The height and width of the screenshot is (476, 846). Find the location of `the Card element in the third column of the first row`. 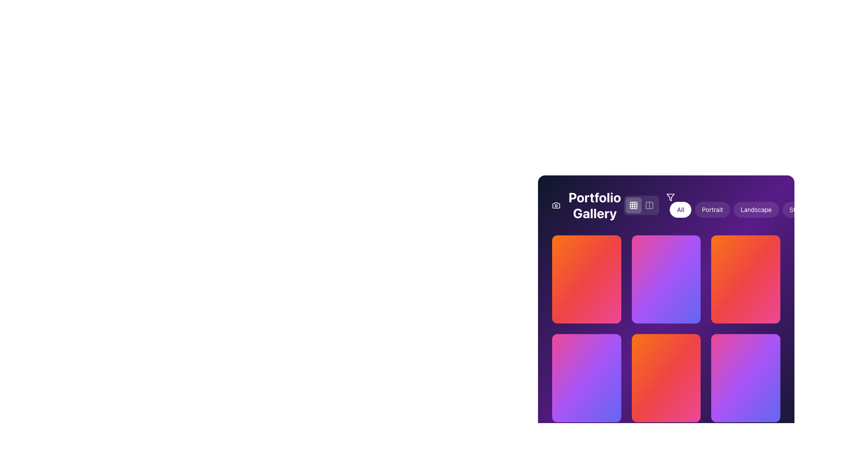

the Card element in the third column of the first row is located at coordinates (745, 279).